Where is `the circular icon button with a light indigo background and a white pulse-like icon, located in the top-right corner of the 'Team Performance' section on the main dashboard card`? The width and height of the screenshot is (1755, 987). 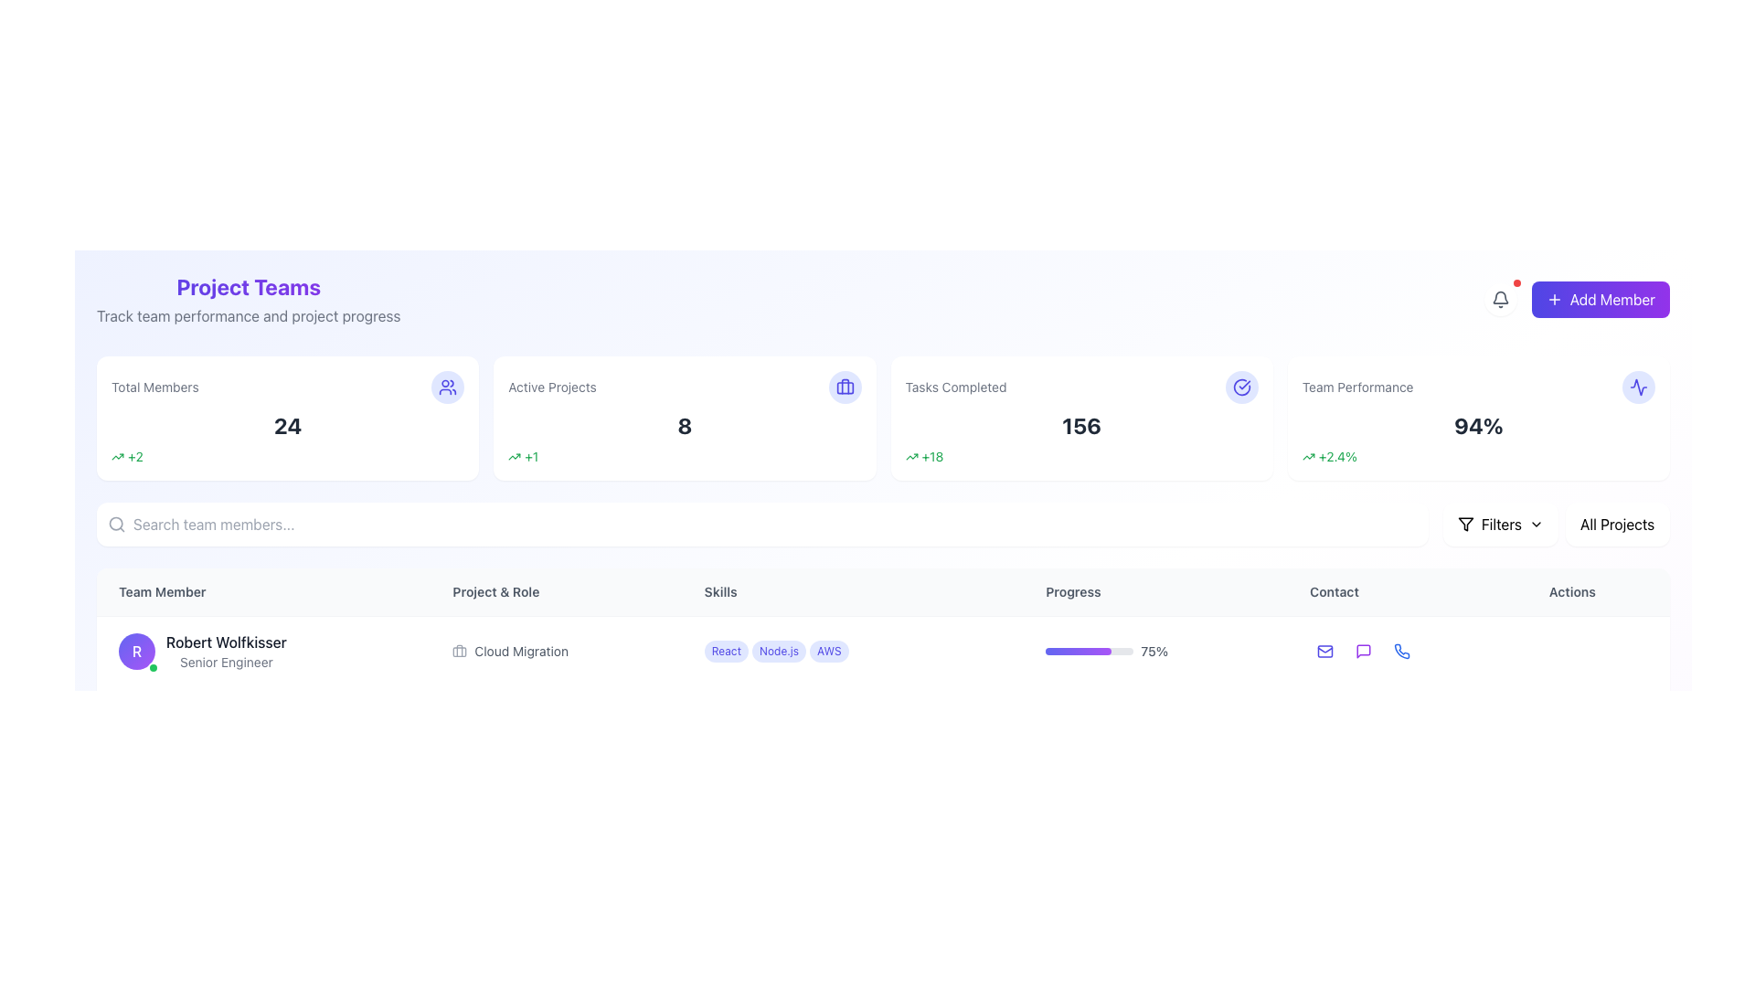 the circular icon button with a light indigo background and a white pulse-like icon, located in the top-right corner of the 'Team Performance' section on the main dashboard card is located at coordinates (1639, 387).